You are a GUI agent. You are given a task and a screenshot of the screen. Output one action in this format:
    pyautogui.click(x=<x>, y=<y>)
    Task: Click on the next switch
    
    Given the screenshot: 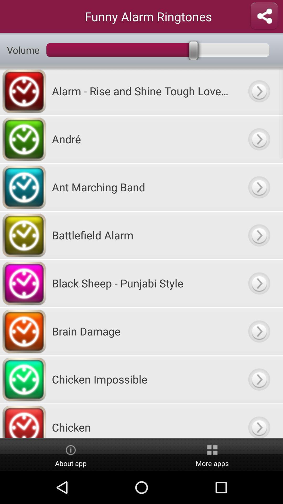 What is the action you would take?
    pyautogui.click(x=259, y=91)
    